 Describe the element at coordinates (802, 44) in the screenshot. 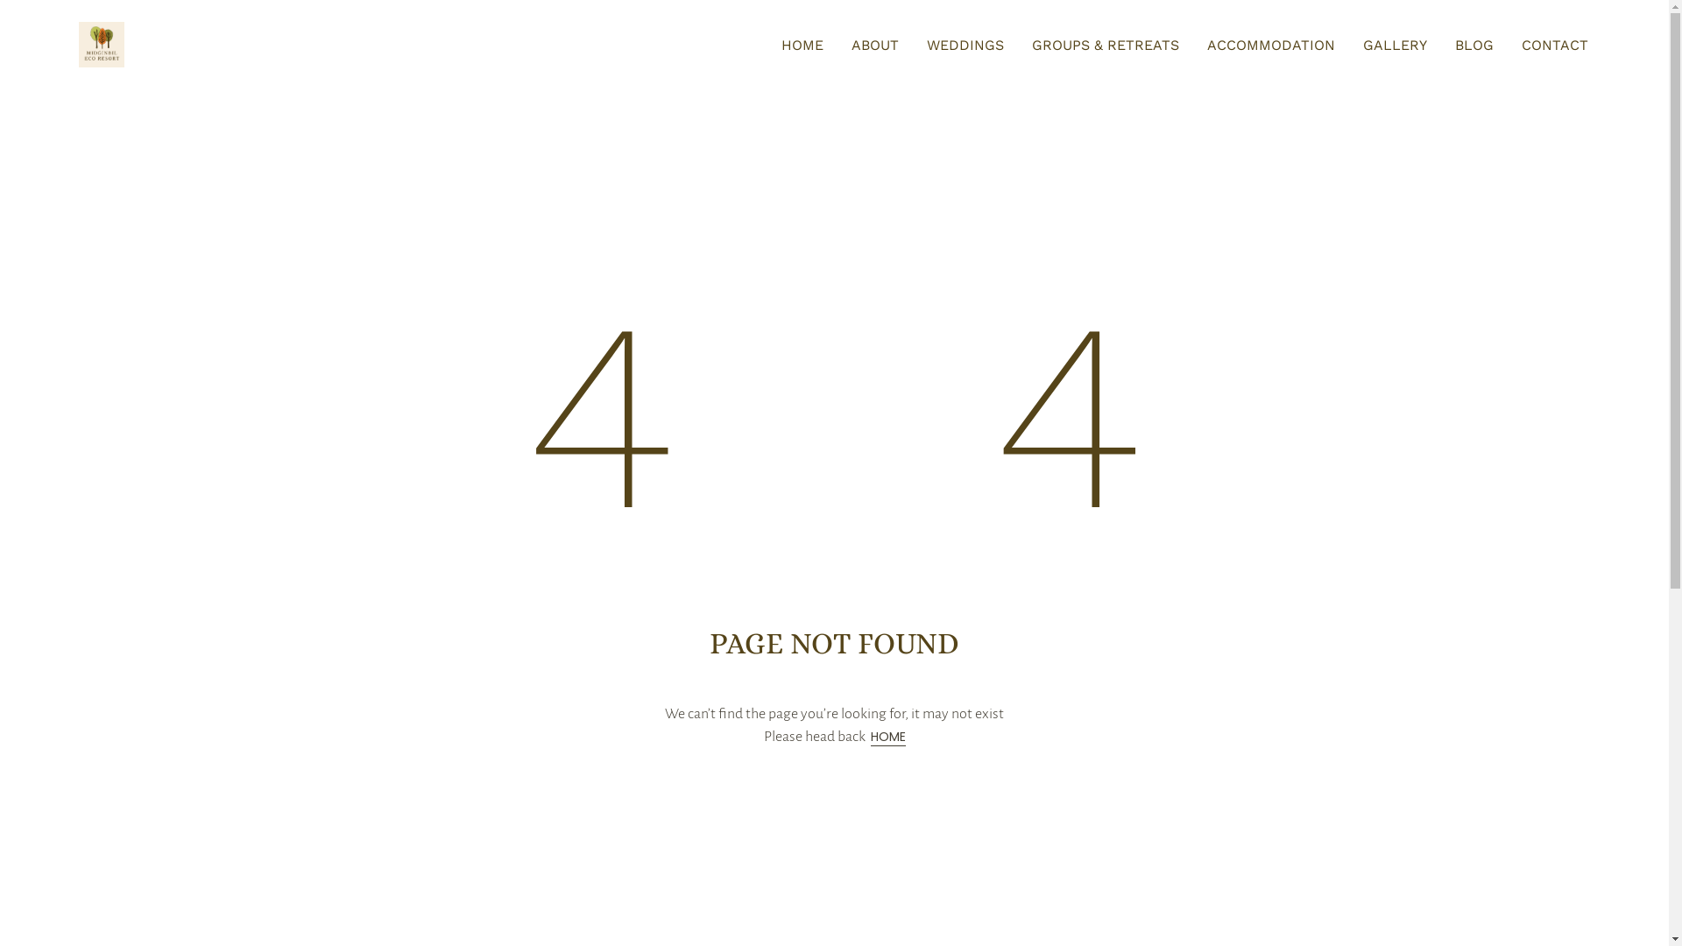

I see `'HOME'` at that location.